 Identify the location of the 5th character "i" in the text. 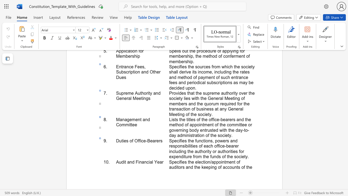
(177, 167).